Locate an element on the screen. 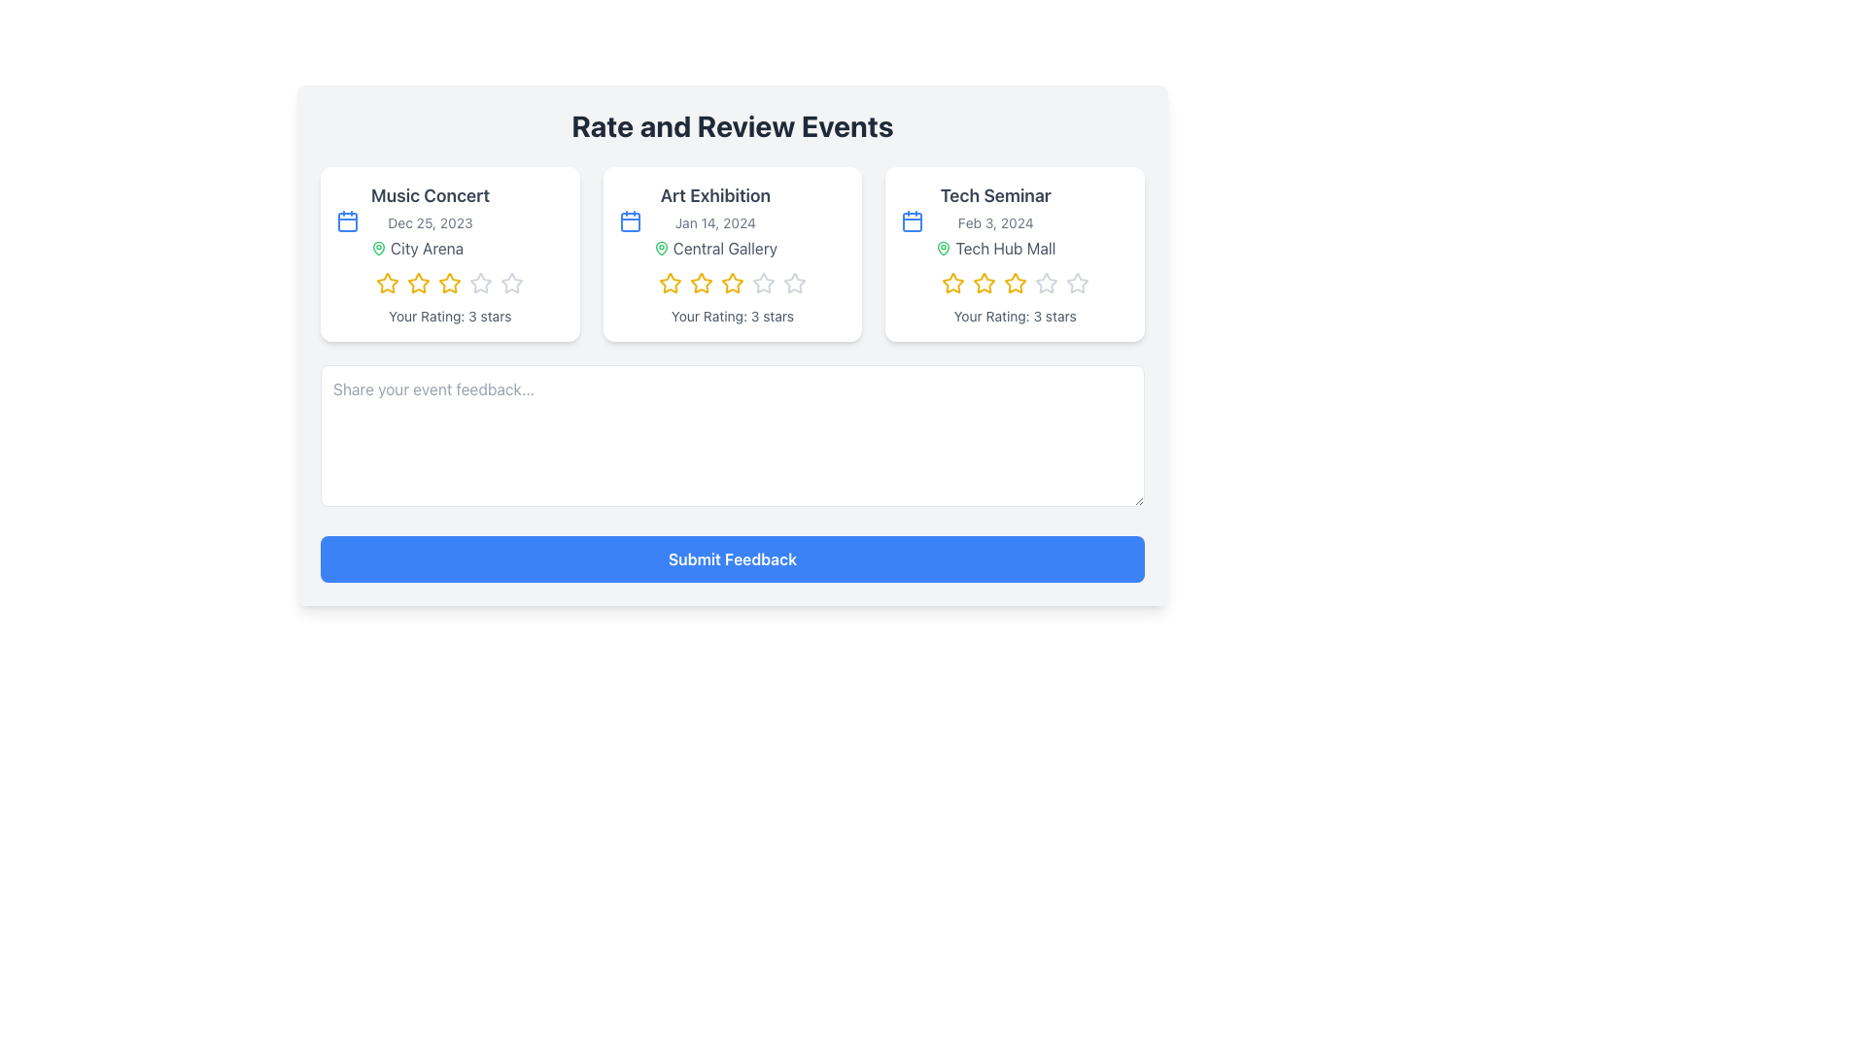 The image size is (1866, 1049). the text label that serves as the title for the 'Music Concert' event, positioned at the top of the event card is located at coordinates (429, 195).